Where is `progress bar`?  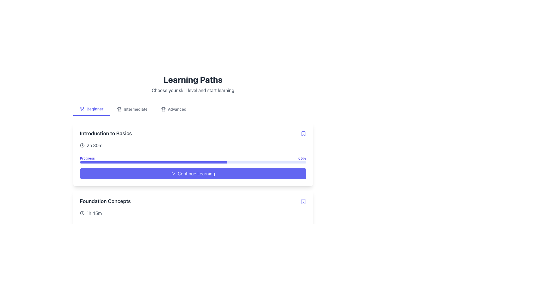 progress bar is located at coordinates (127, 162).